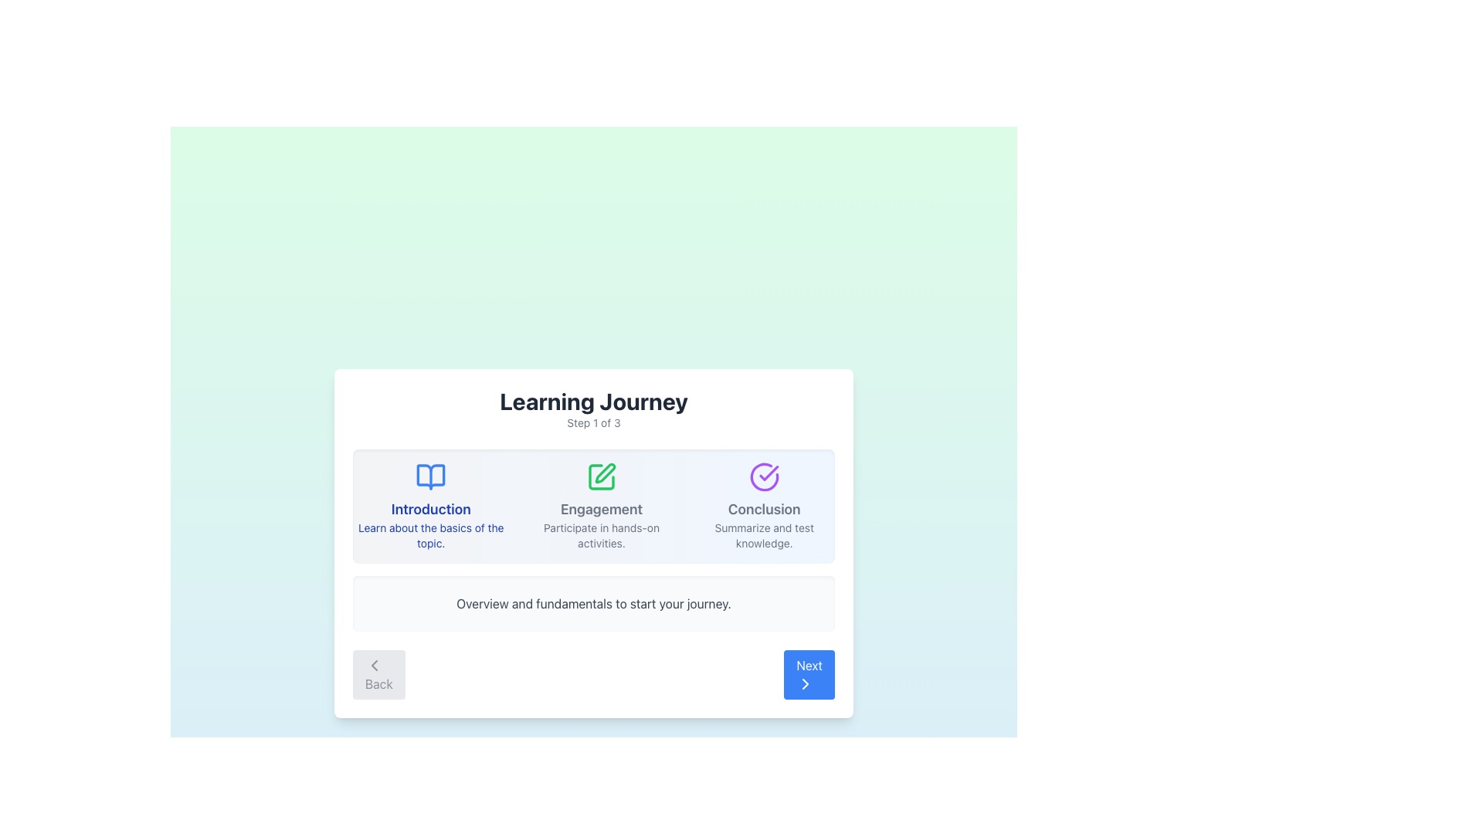  What do you see at coordinates (592, 603) in the screenshot?
I see `the static text that reads 'Overview and fundamentals to start your journey.' which is styled in gray on a white background and located below the section with the steps 'Introduction,' 'Engagement,' and 'Conclusion.'` at bounding box center [592, 603].